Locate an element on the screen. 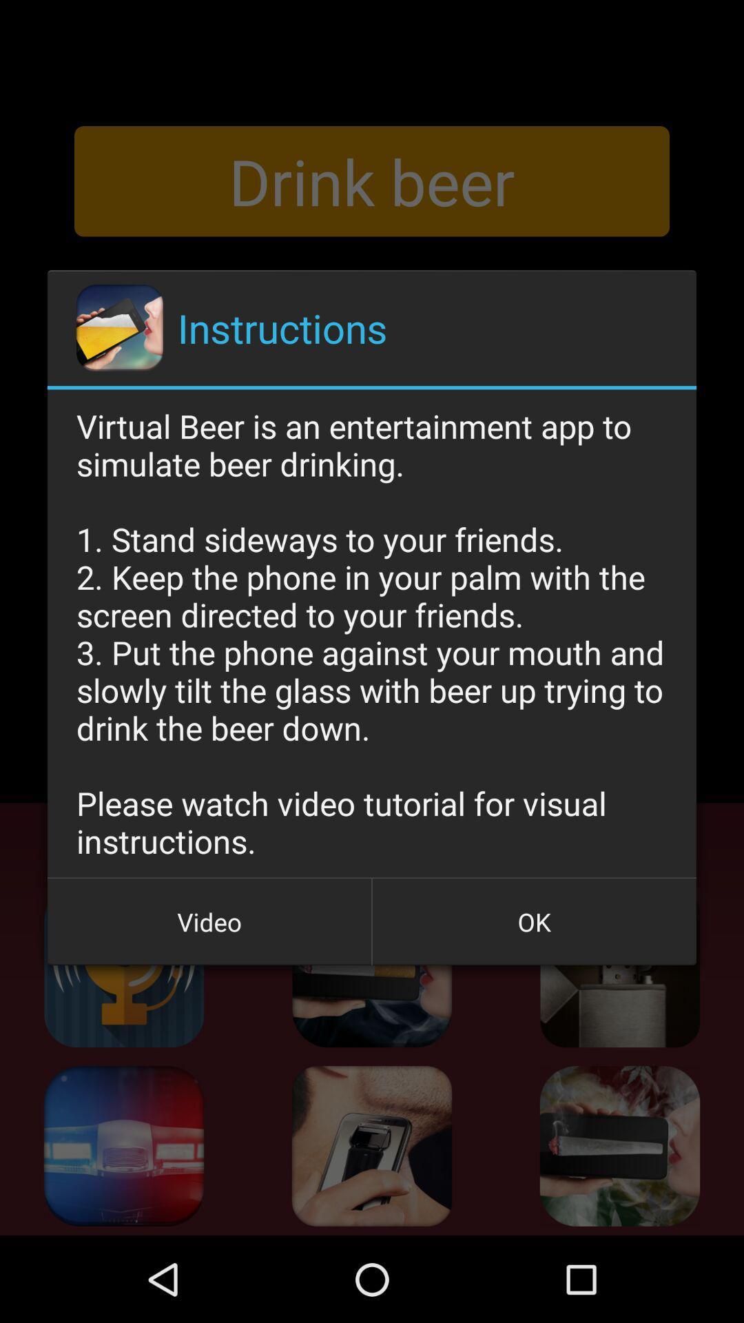 The width and height of the screenshot is (744, 1323). video icon is located at coordinates (209, 922).